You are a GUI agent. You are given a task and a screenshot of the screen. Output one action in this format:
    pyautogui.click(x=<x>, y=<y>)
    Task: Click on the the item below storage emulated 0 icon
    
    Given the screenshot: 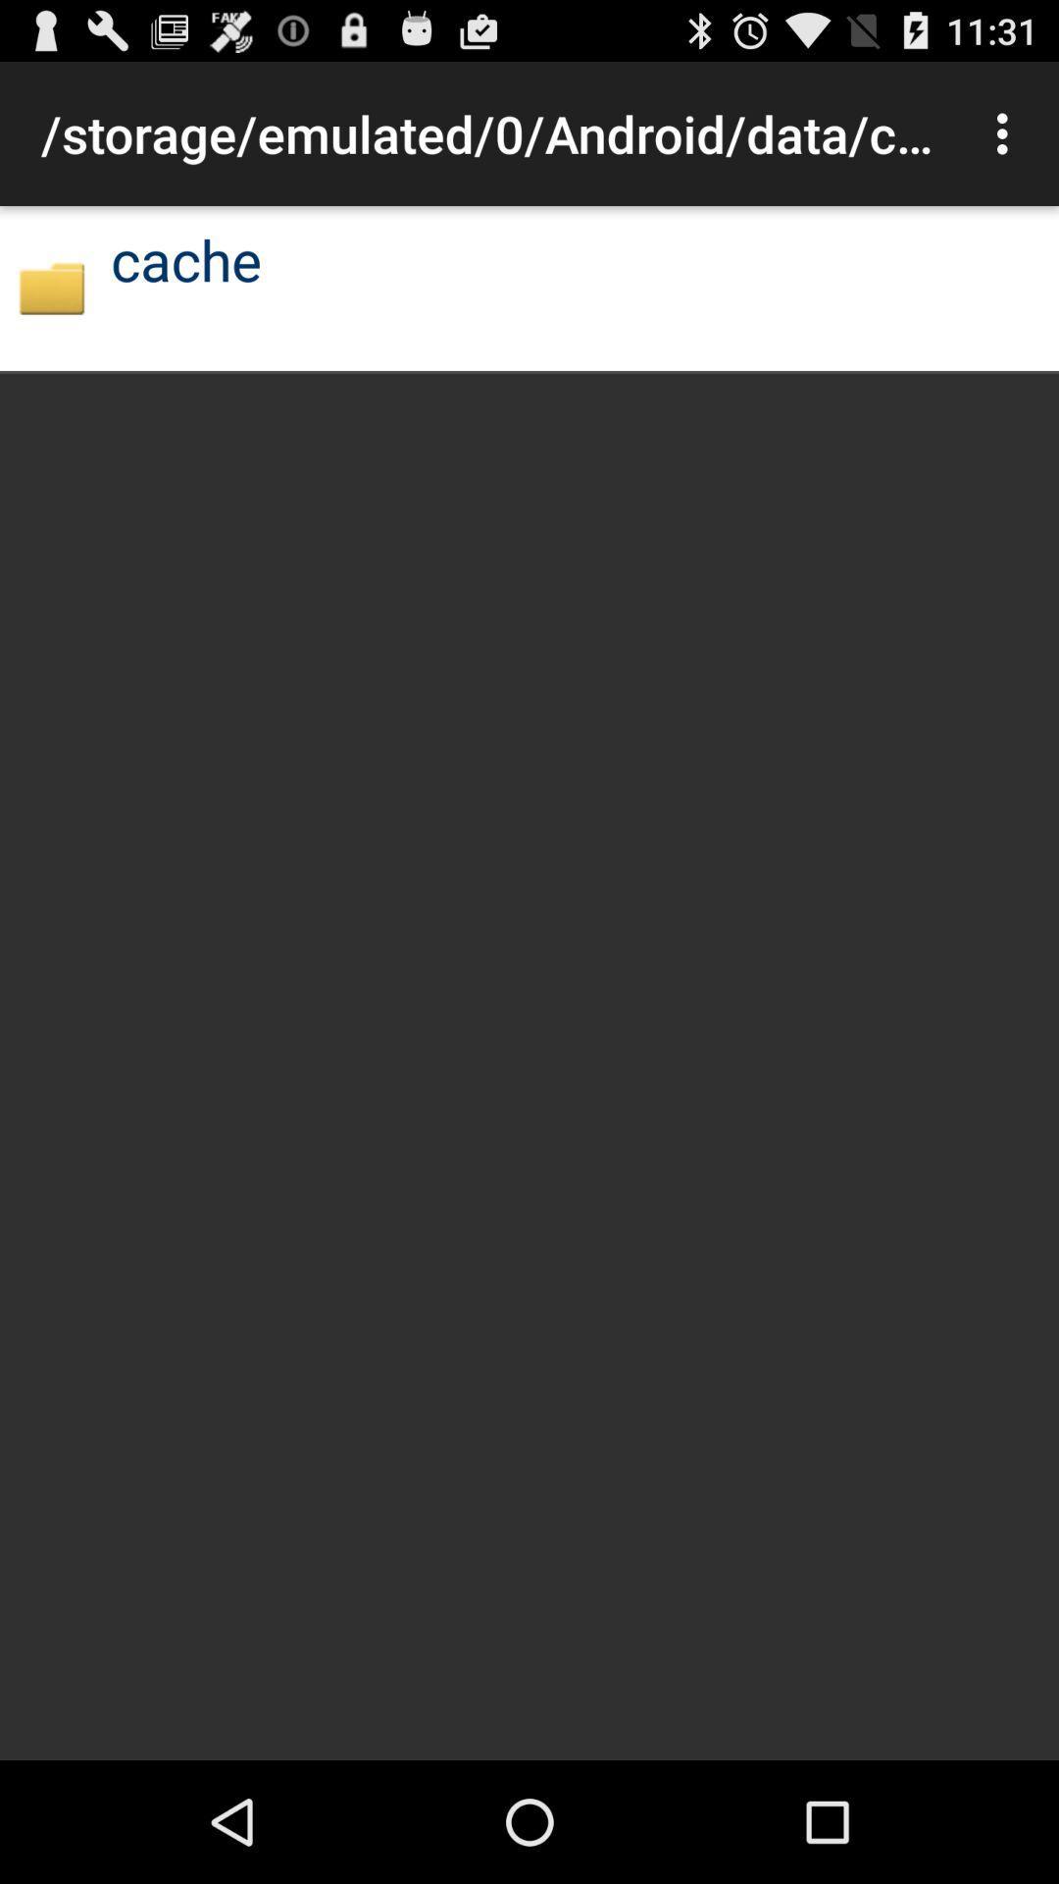 What is the action you would take?
    pyautogui.click(x=186, y=258)
    